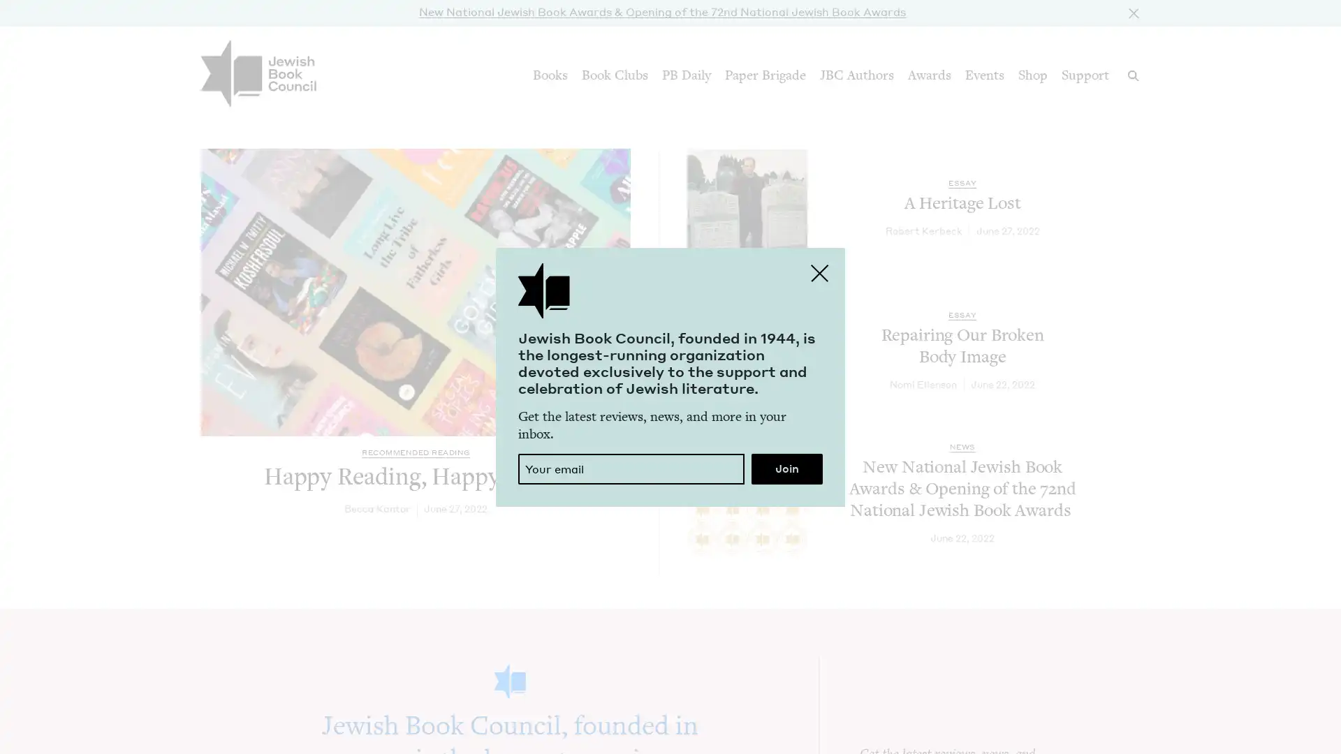 The image size is (1341, 754). What do you see at coordinates (1131, 11) in the screenshot?
I see `Close` at bounding box center [1131, 11].